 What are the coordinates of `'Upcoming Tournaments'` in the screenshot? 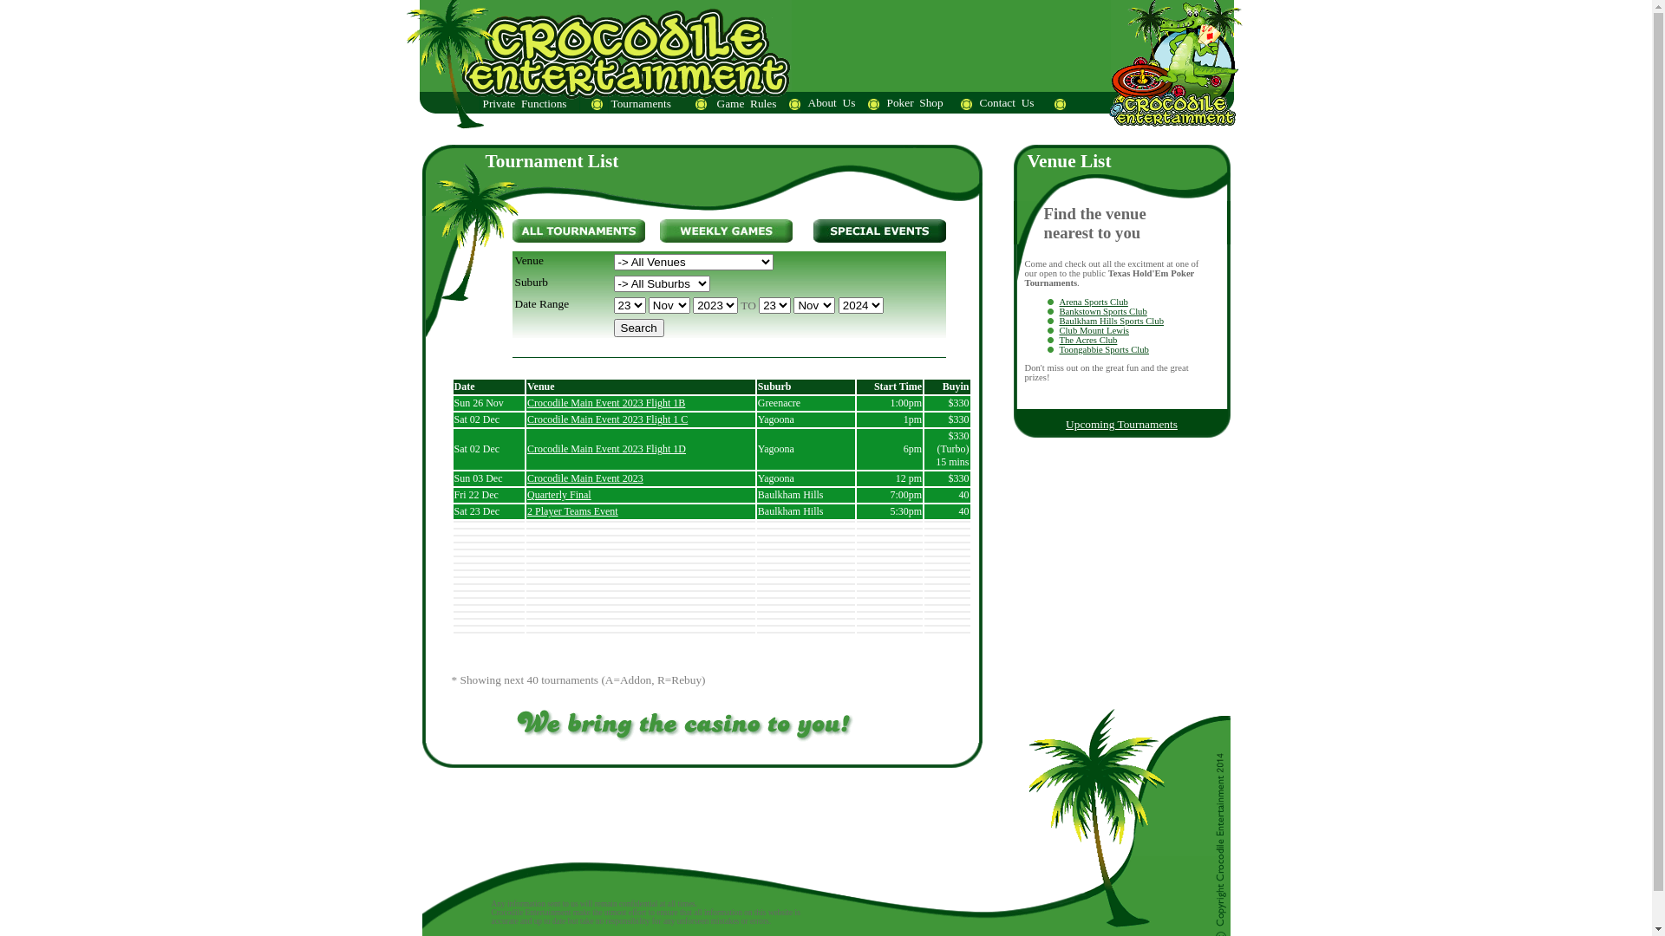 It's located at (1121, 424).